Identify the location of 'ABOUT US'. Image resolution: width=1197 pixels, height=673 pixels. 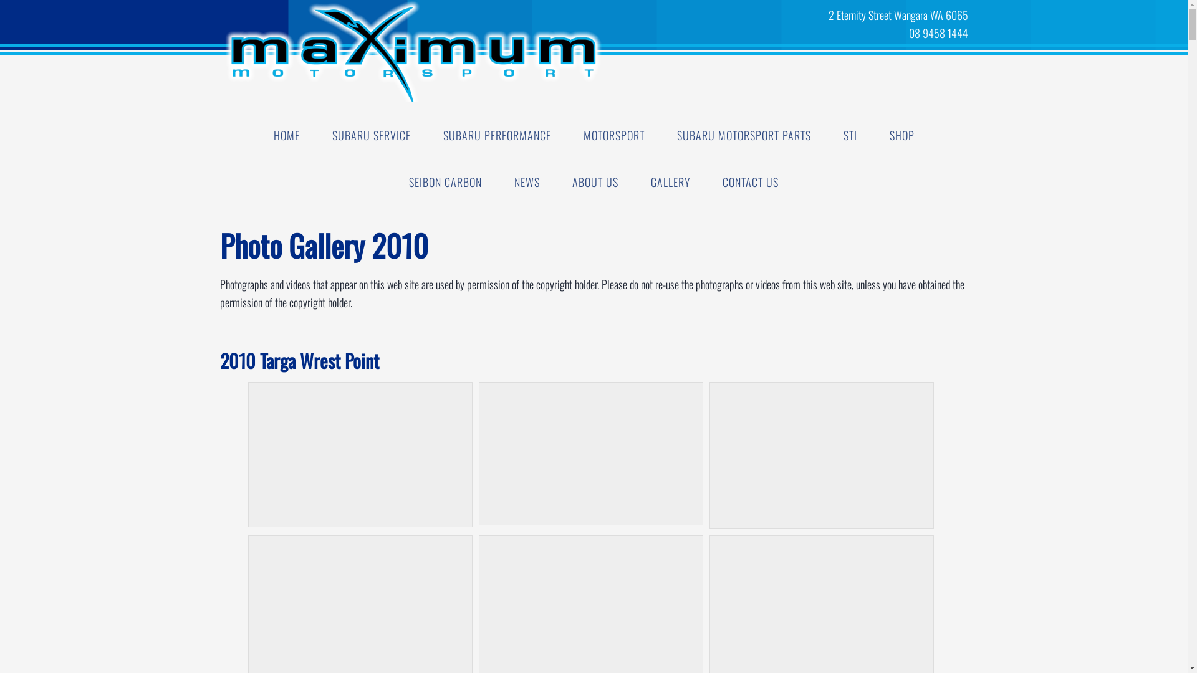
(595, 182).